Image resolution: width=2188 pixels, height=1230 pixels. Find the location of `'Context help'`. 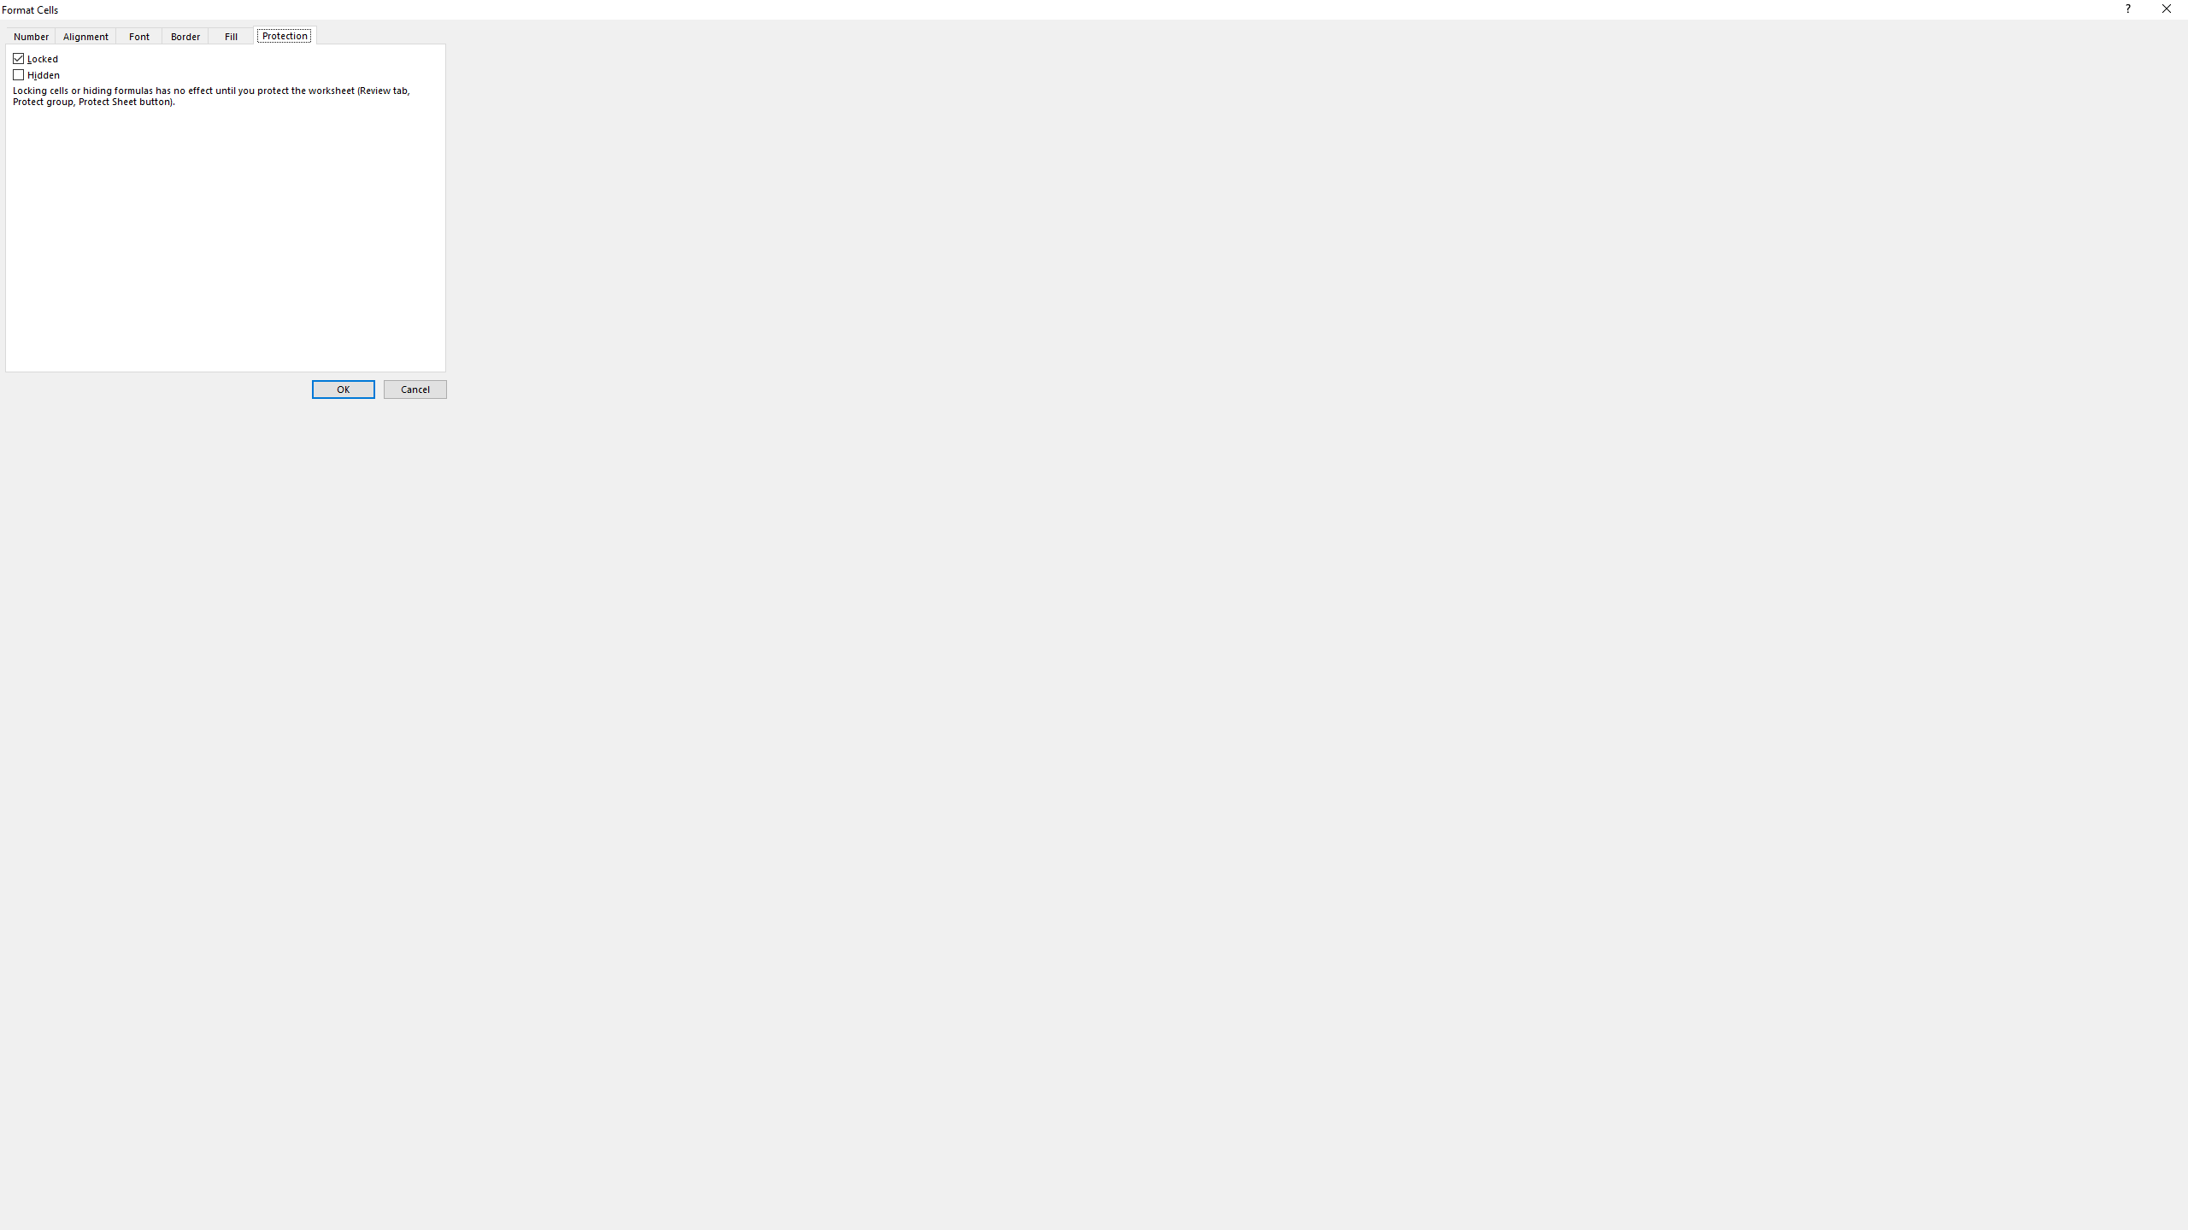

'Context help' is located at coordinates (2126, 13).